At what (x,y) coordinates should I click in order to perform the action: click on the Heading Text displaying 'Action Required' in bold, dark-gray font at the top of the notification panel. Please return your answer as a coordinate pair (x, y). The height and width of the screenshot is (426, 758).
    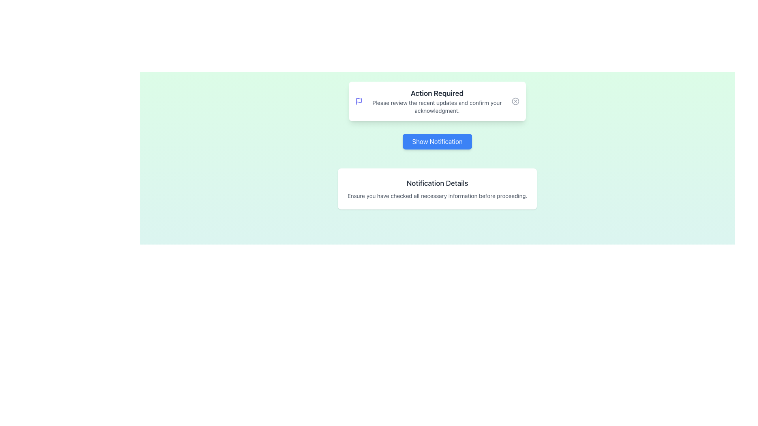
    Looking at the image, I should click on (437, 93).